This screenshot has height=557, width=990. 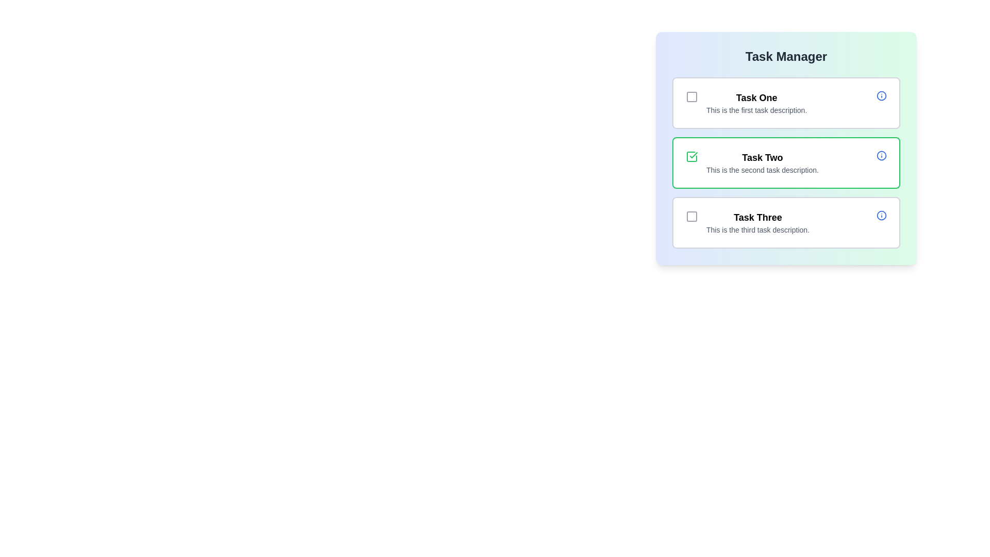 I want to click on the status icon indicating the completion of 'Task Two', which is located within a green-outlined task item and positioned just left of the text label, so click(x=694, y=155).